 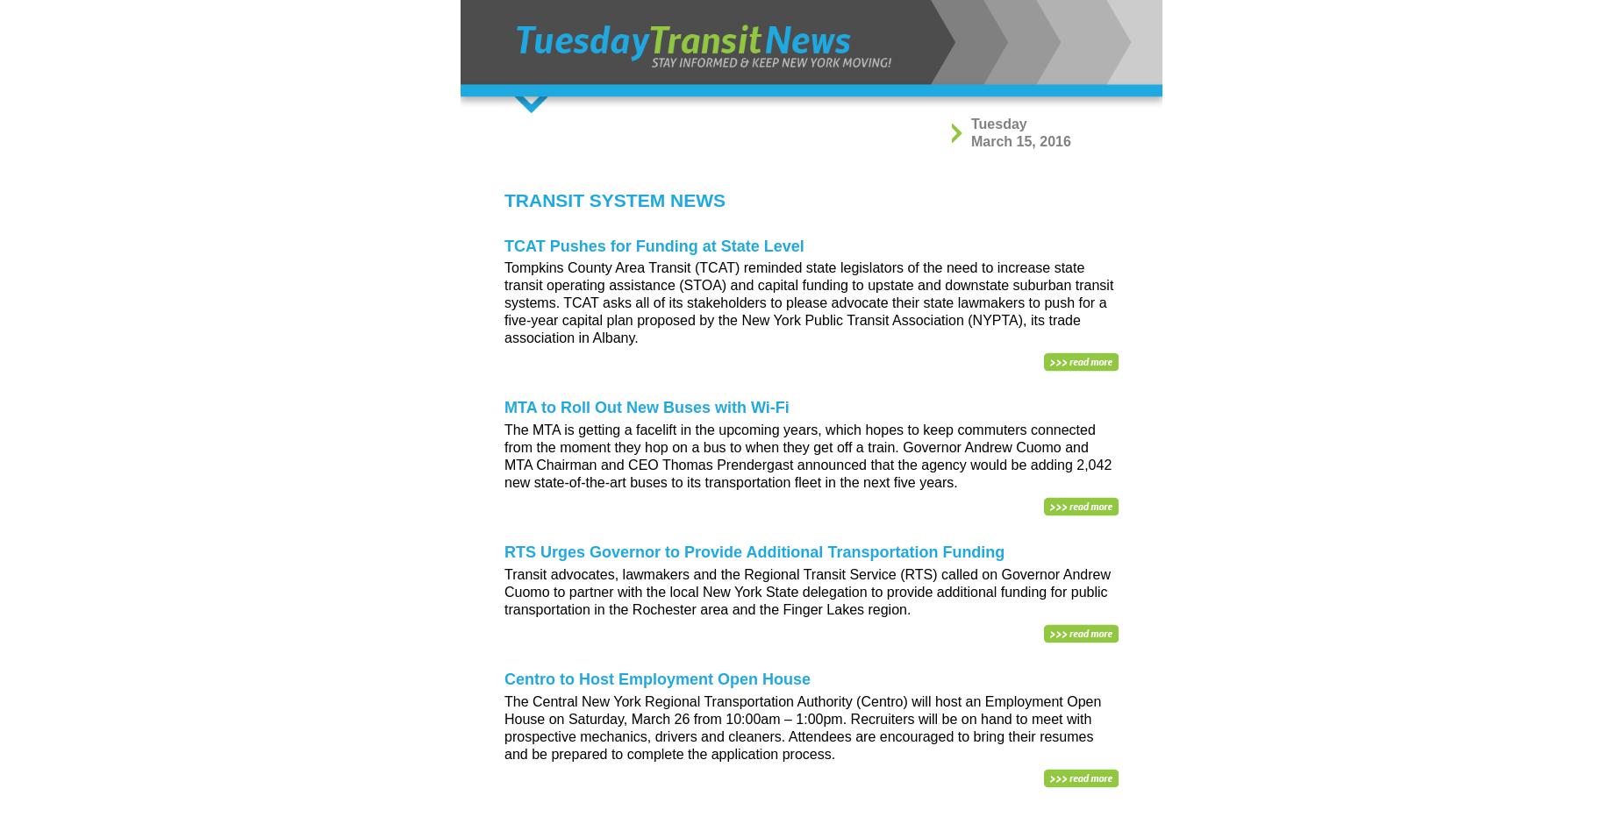 I want to click on 'Tuesday', so click(x=997, y=123).